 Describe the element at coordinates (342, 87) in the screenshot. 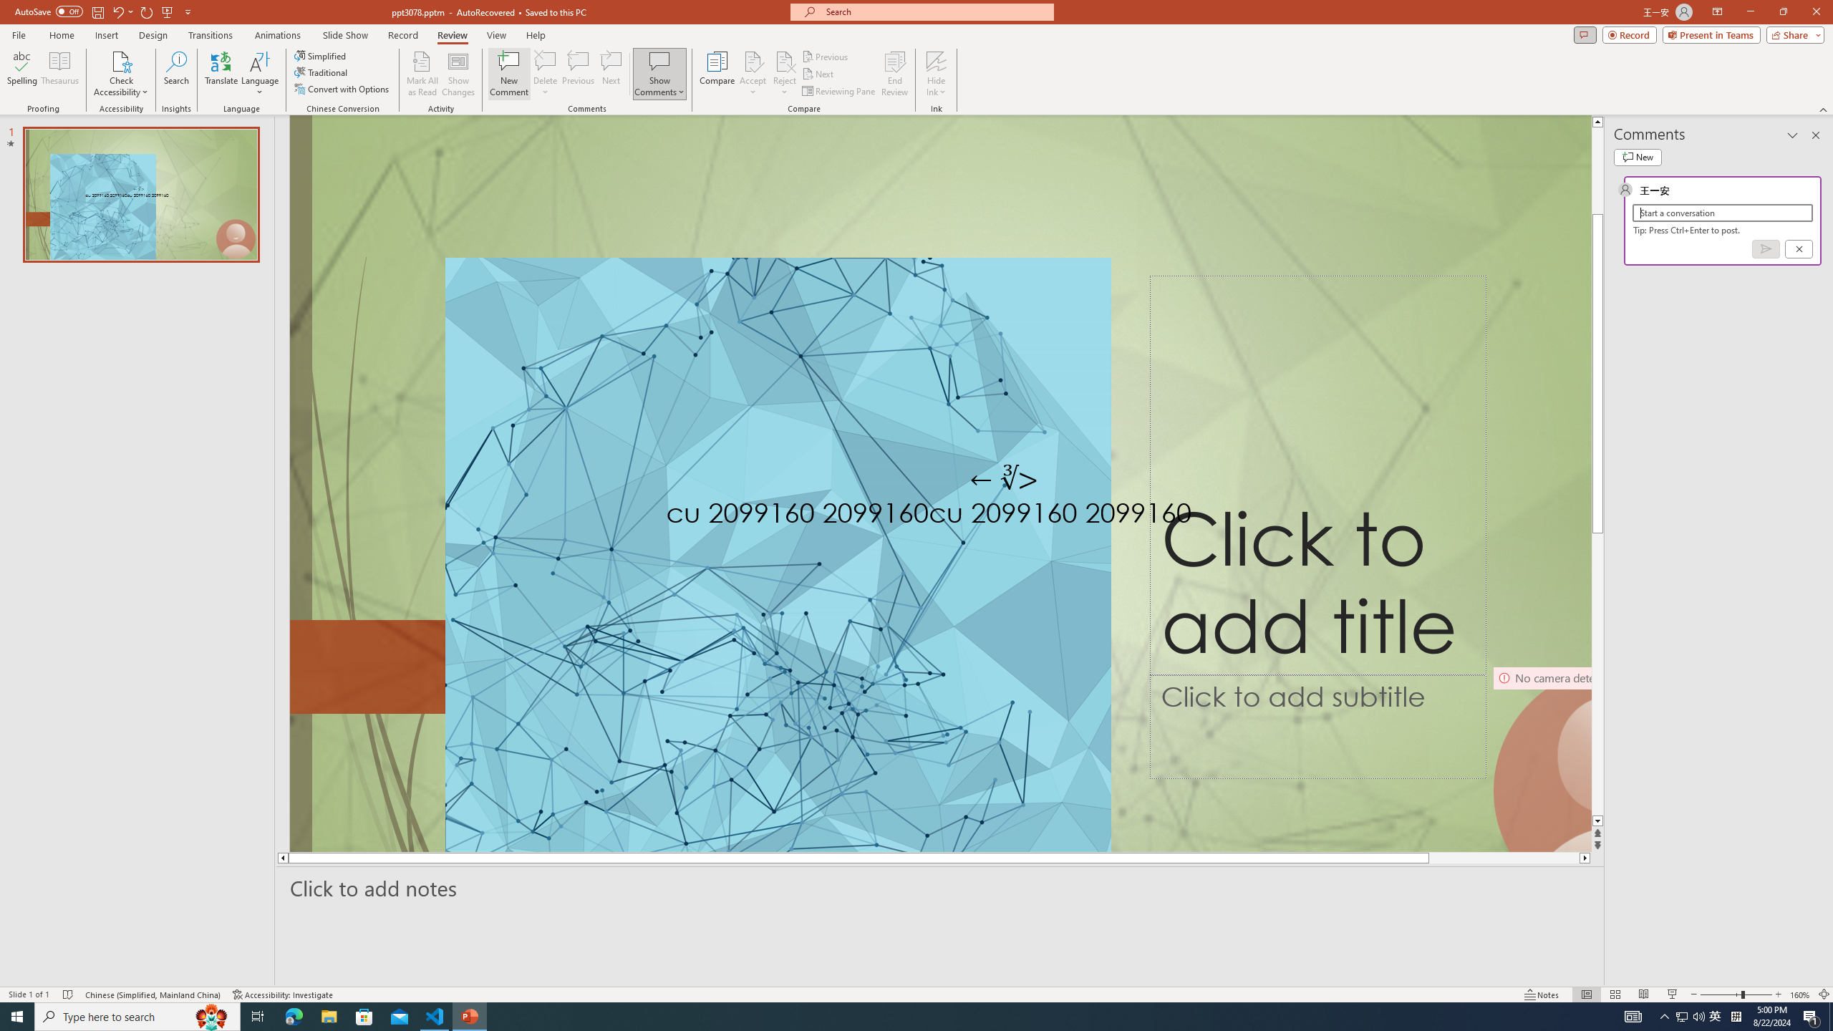

I see `'Convert with Options...'` at that location.